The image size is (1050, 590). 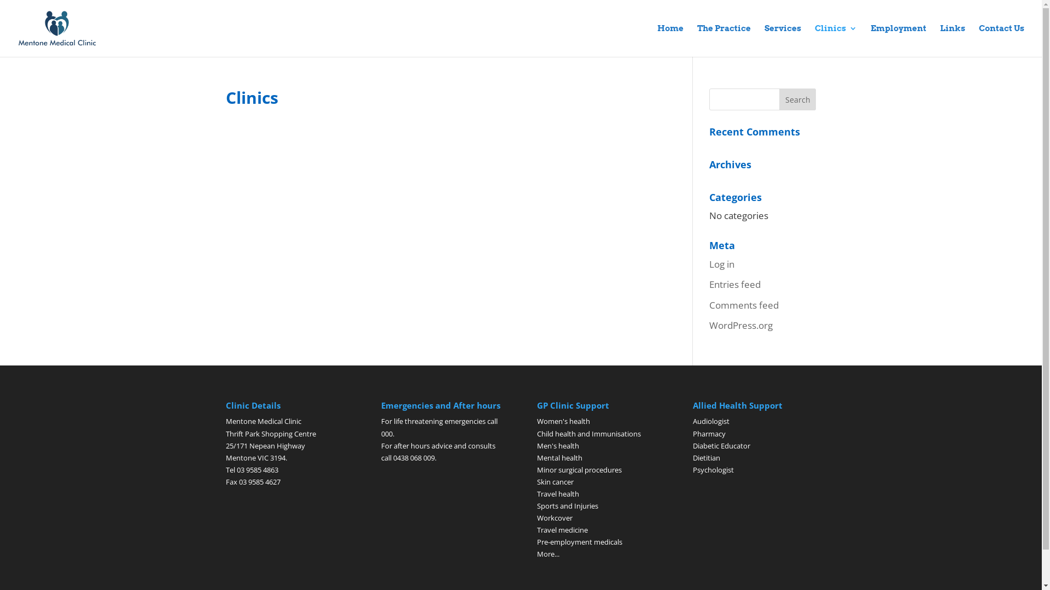 What do you see at coordinates (735, 284) in the screenshot?
I see `'Entries feed'` at bounding box center [735, 284].